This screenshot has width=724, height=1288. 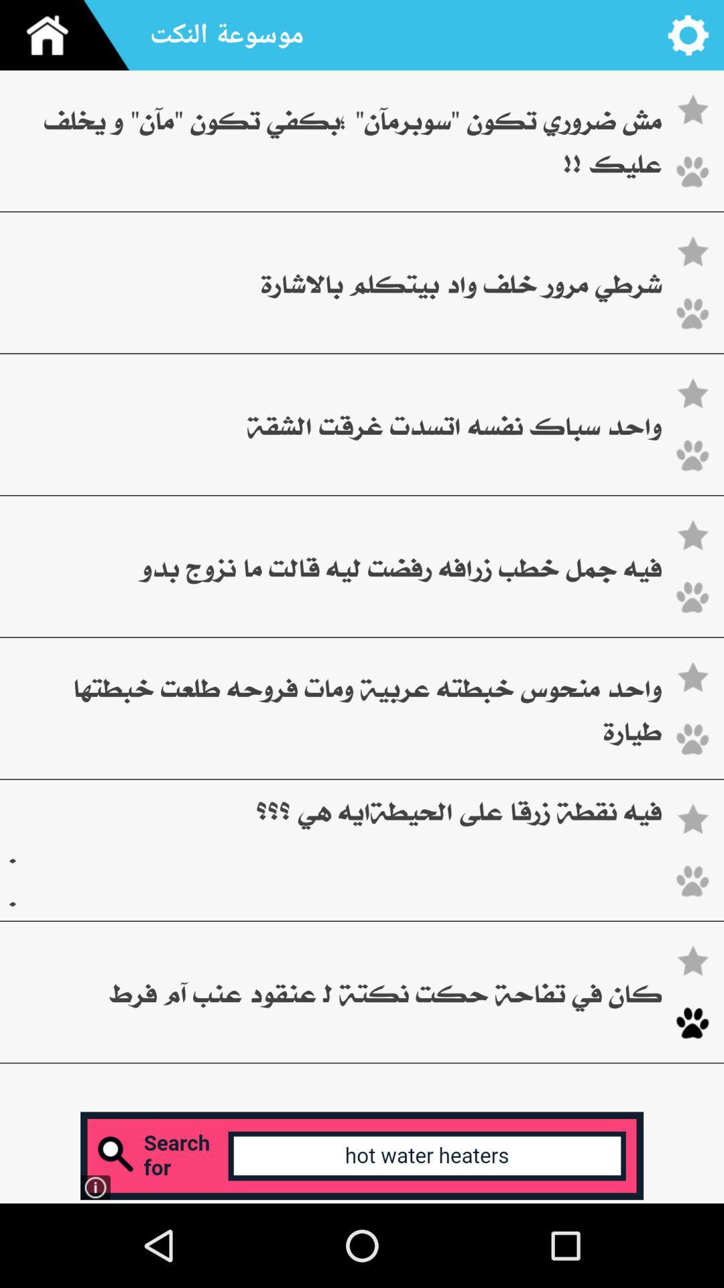 I want to click on house, so click(x=70, y=35).